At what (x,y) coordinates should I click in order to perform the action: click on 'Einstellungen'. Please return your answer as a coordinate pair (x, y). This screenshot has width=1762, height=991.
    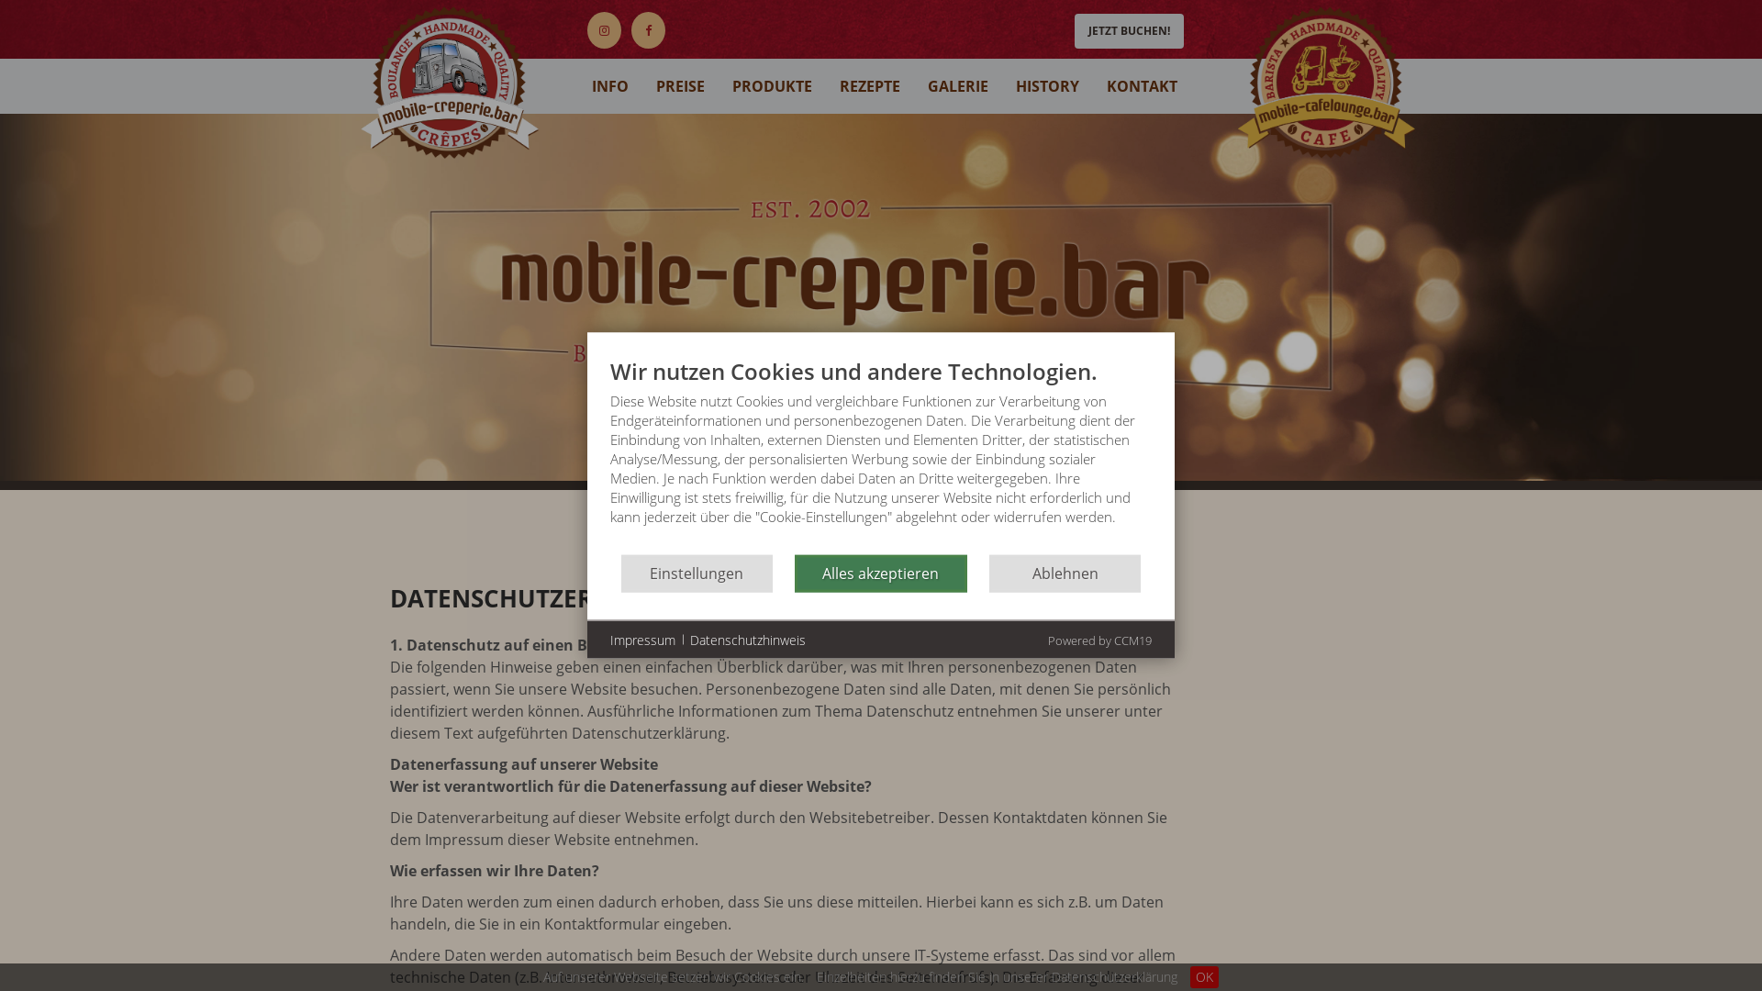
    Looking at the image, I should click on (620, 572).